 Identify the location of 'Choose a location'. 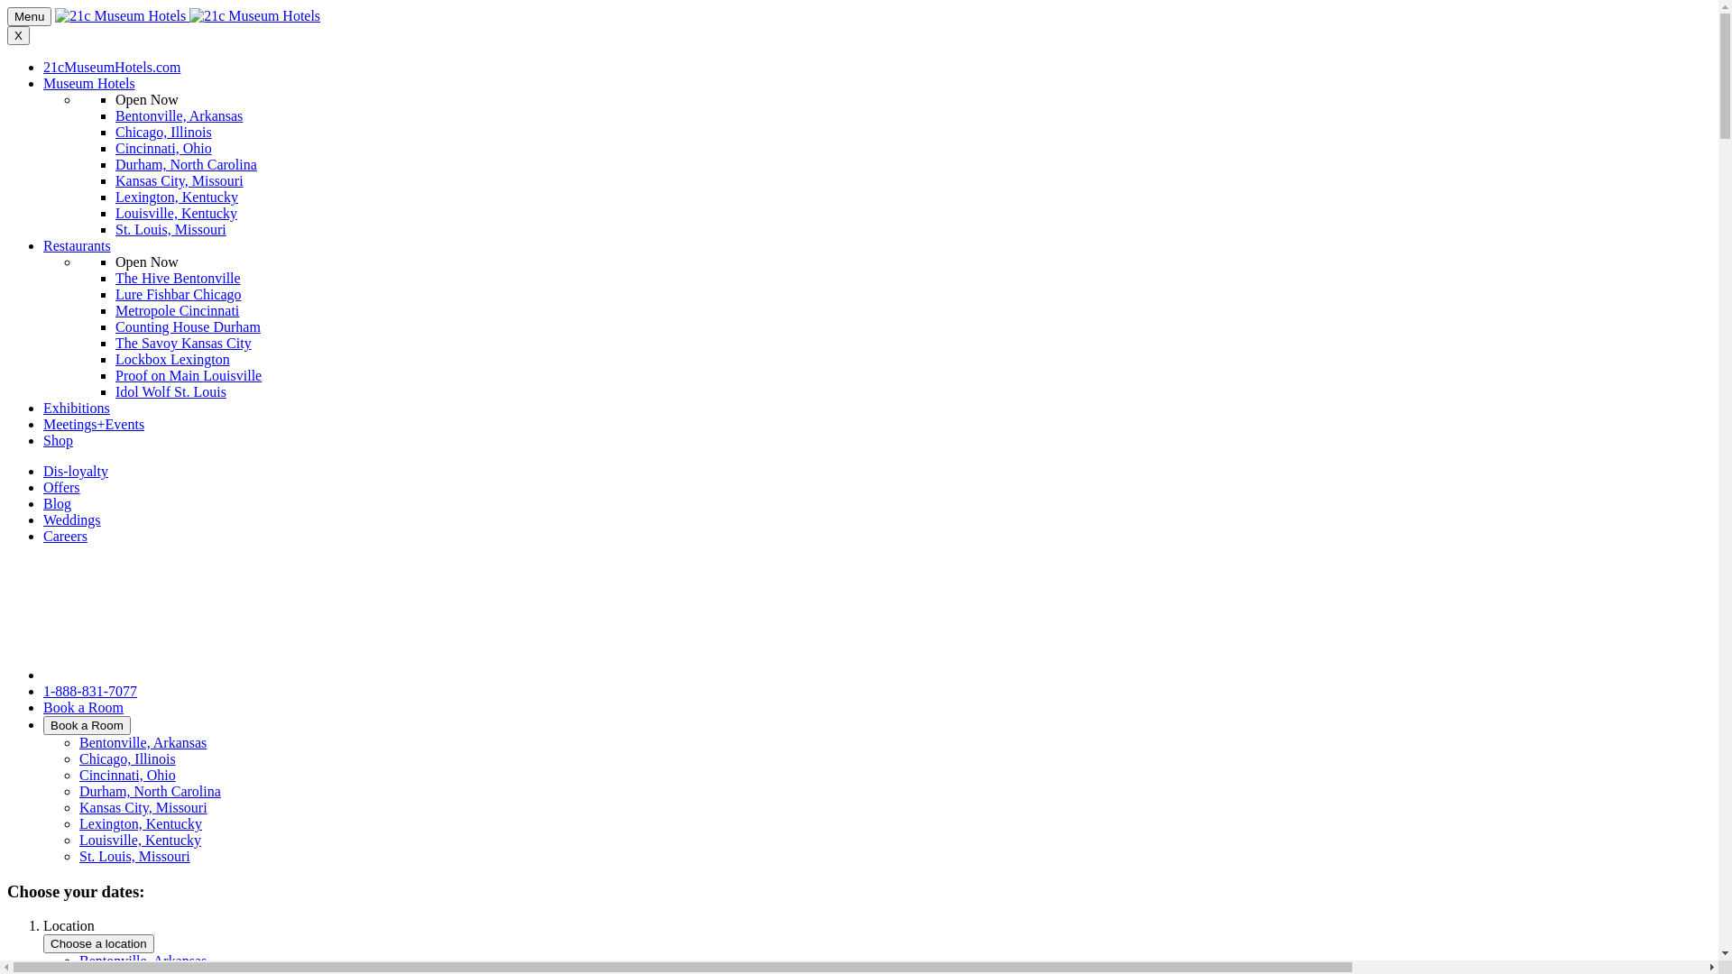
(97, 942).